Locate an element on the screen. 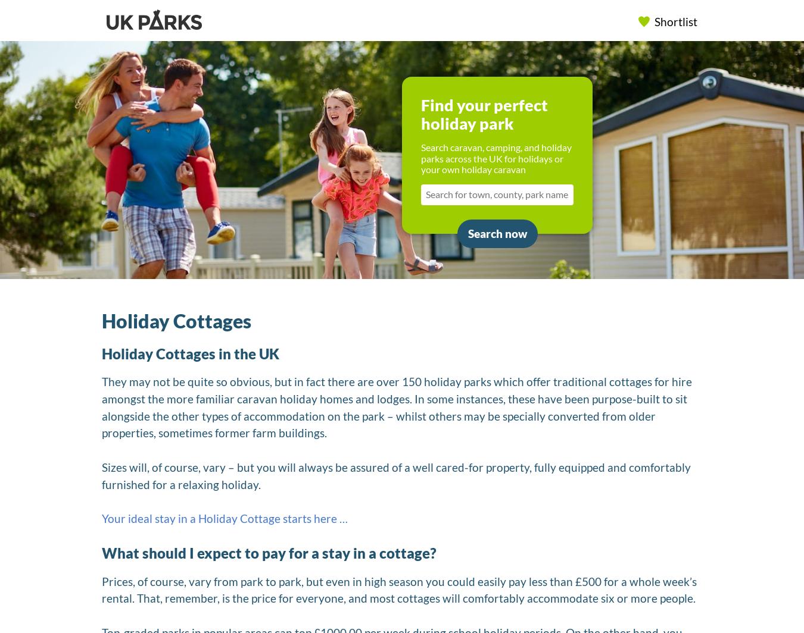 The image size is (804, 633). 'Search caravan, camping, and holiday parks across the UK for holidays or your own holiday caravan' is located at coordinates (496, 158).